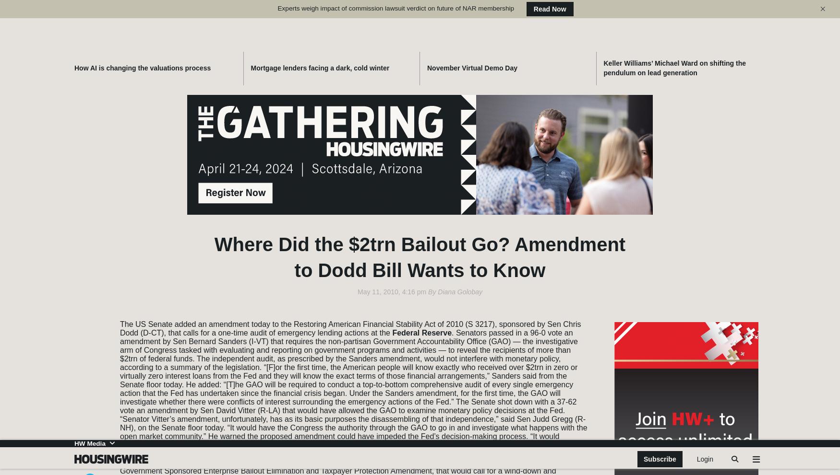 This screenshot has height=475, width=840. What do you see at coordinates (669, 305) in the screenshot?
I see `'HousingWire: The Gathering 2024'` at bounding box center [669, 305].